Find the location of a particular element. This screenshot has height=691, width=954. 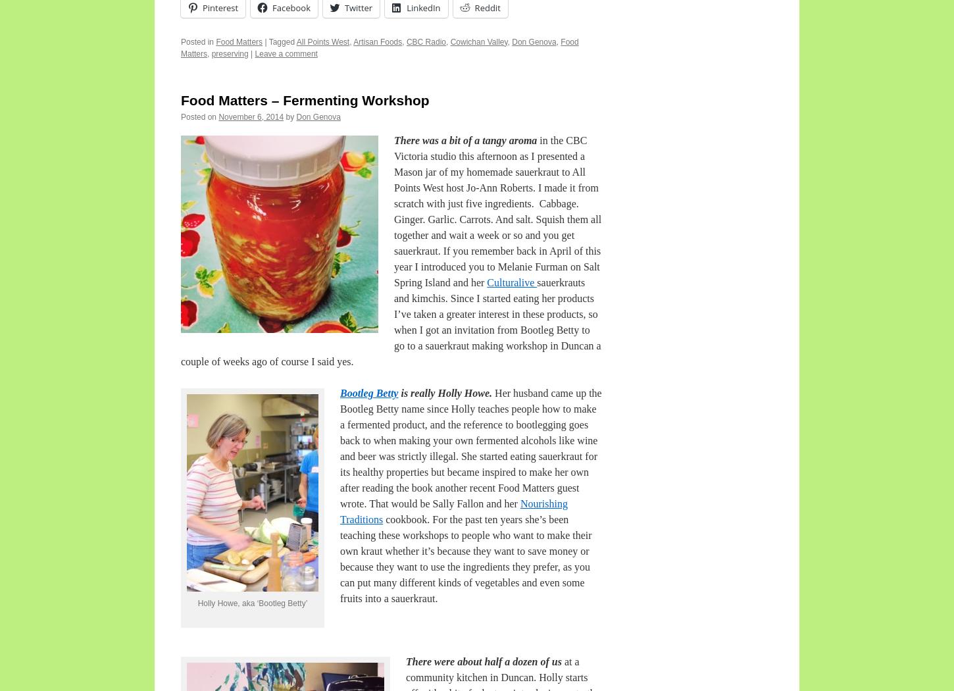

'Culturalive' is located at coordinates (512, 281).